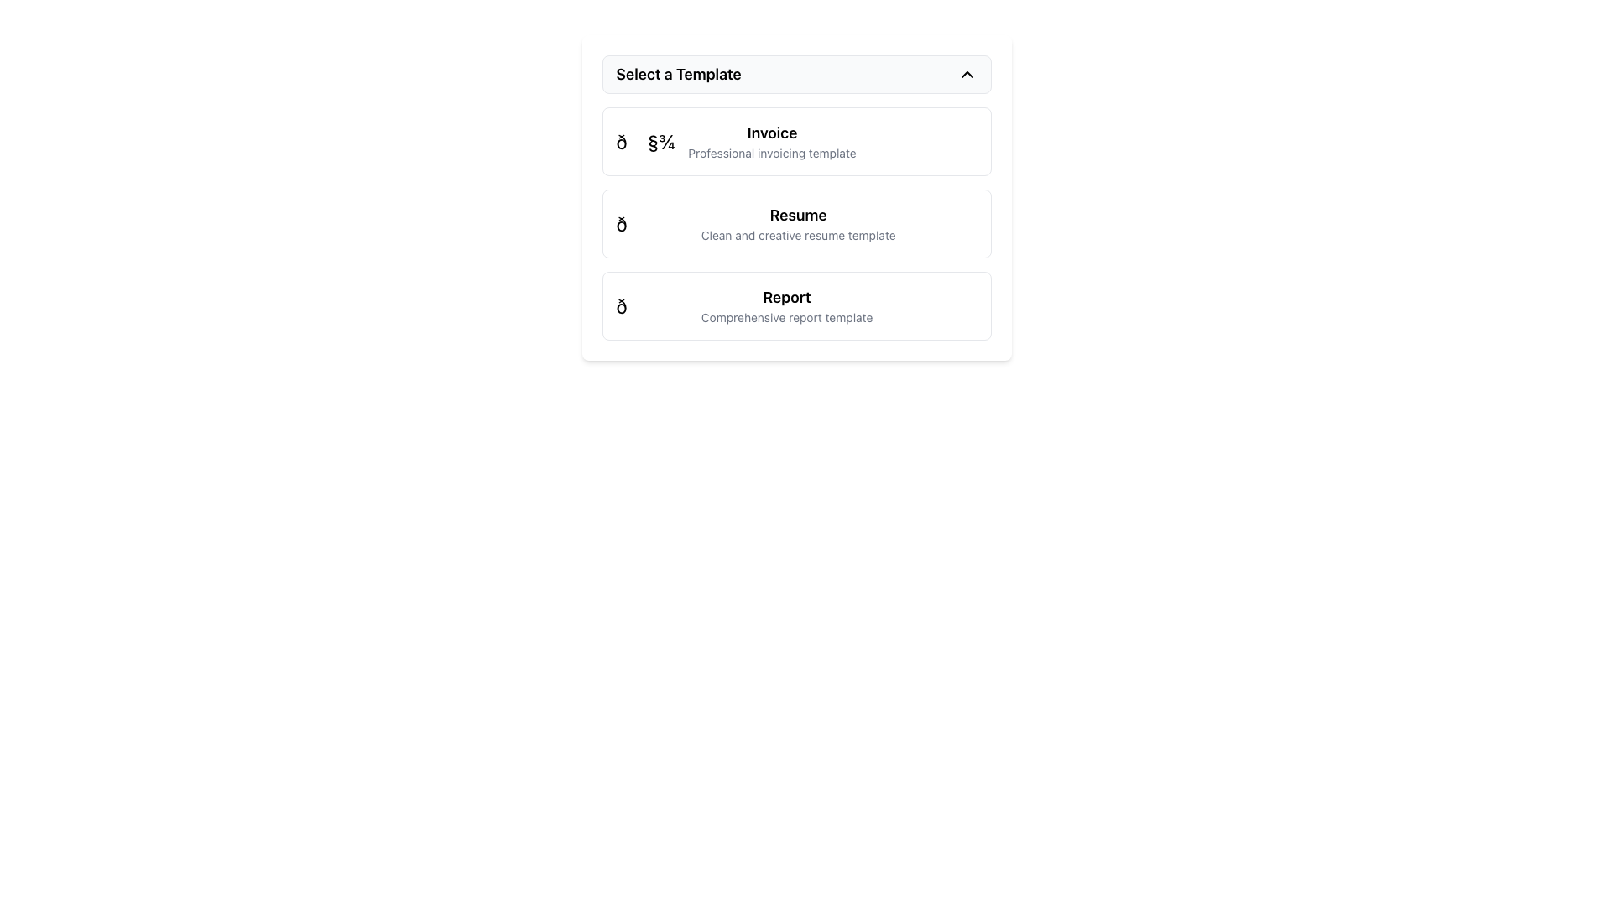  Describe the element at coordinates (795, 222) in the screenshot. I see `the 'Resume' template card located in the middle of the dropdown menu titled 'Select a Template'` at that location.